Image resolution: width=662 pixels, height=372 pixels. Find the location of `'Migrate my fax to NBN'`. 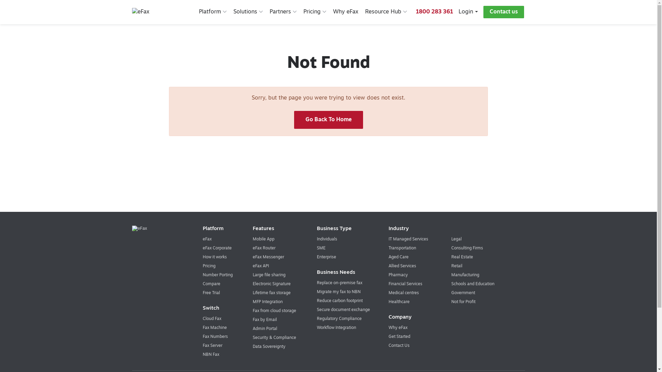

'Migrate my fax to NBN' is located at coordinates (339, 292).